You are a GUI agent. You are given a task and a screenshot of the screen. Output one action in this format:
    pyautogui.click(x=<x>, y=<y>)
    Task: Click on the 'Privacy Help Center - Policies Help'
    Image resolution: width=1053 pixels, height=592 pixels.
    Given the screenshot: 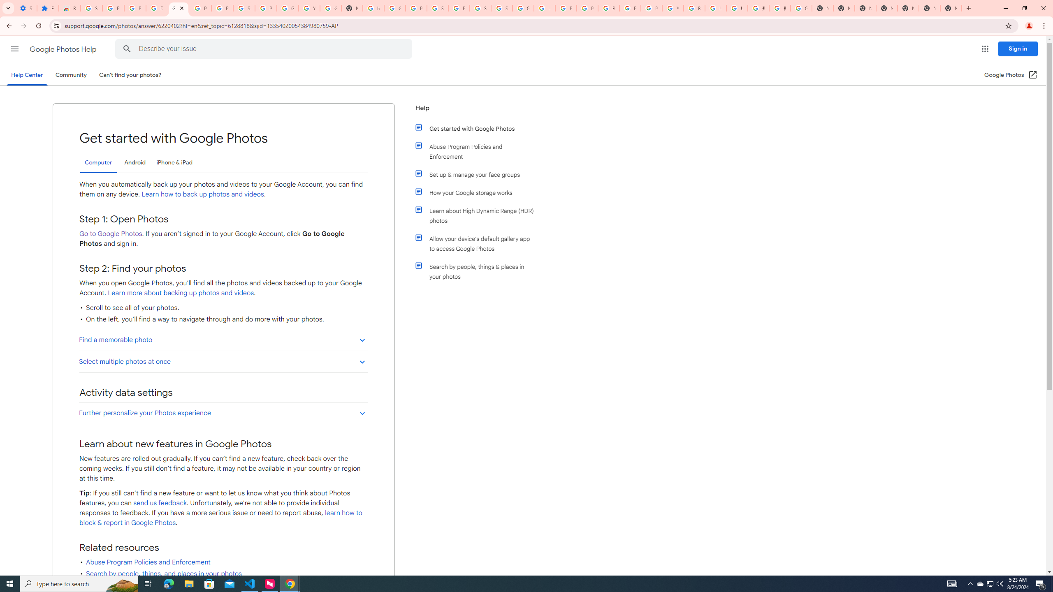 What is the action you would take?
    pyautogui.click(x=566, y=8)
    